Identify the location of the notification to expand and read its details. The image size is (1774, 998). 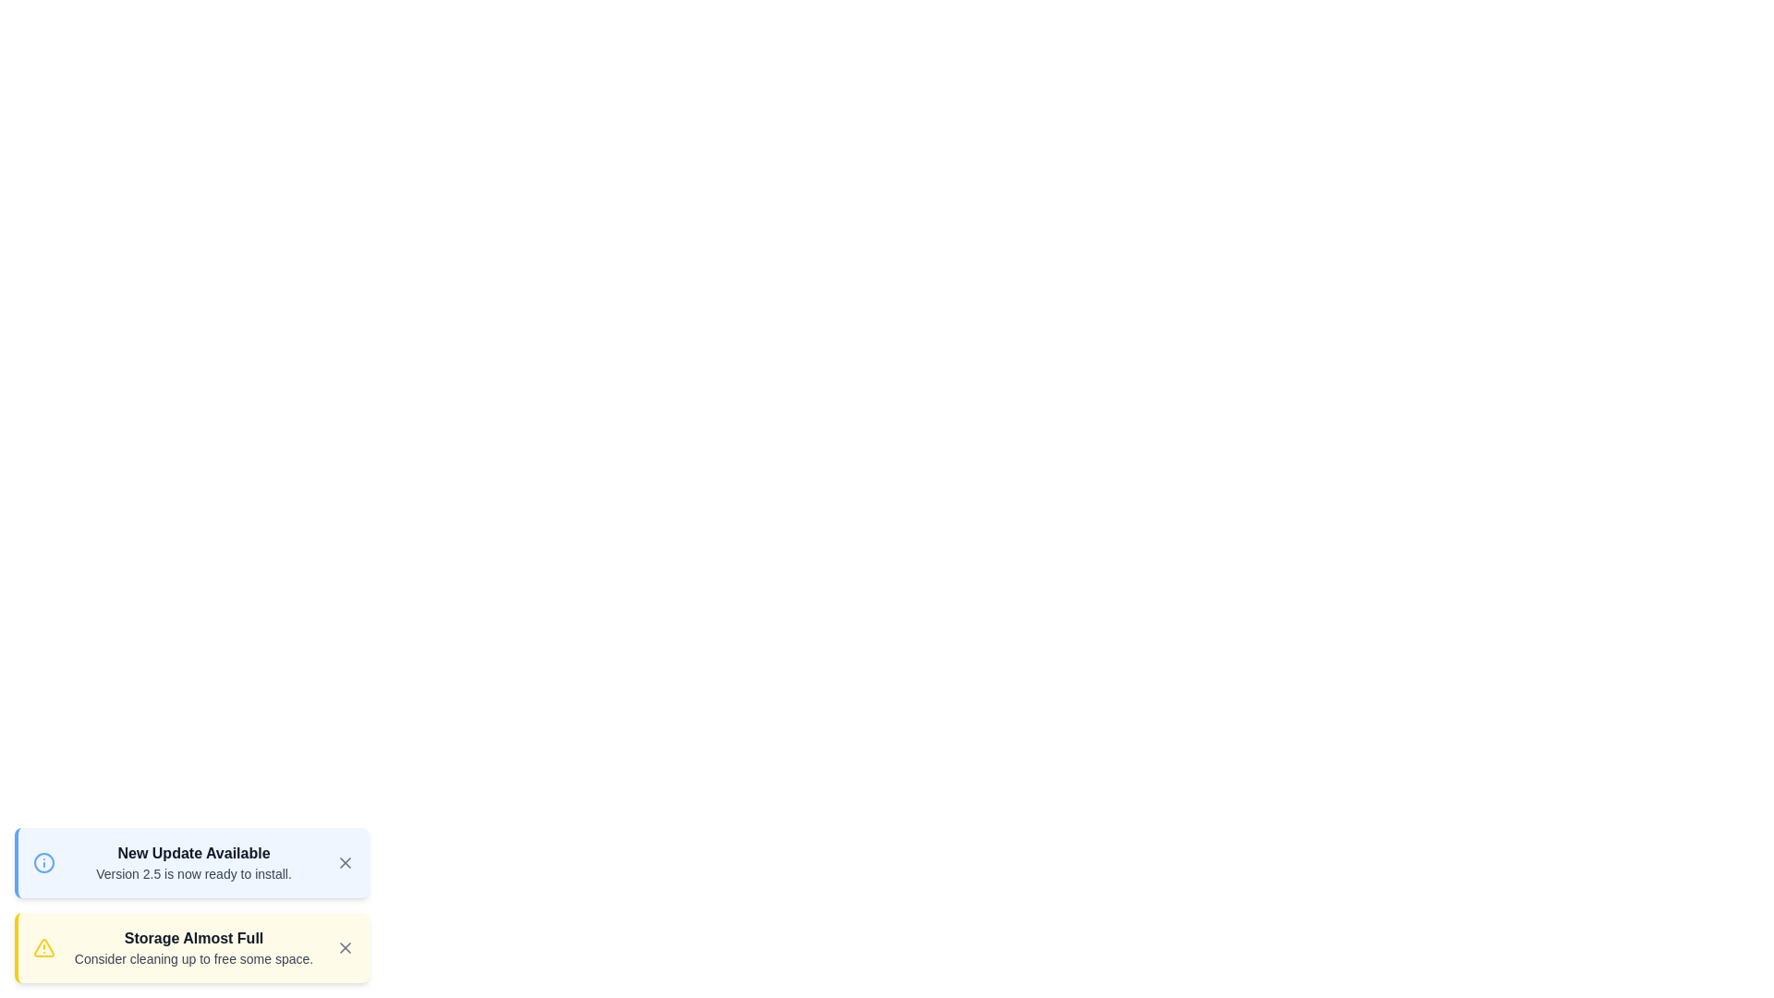
(191, 862).